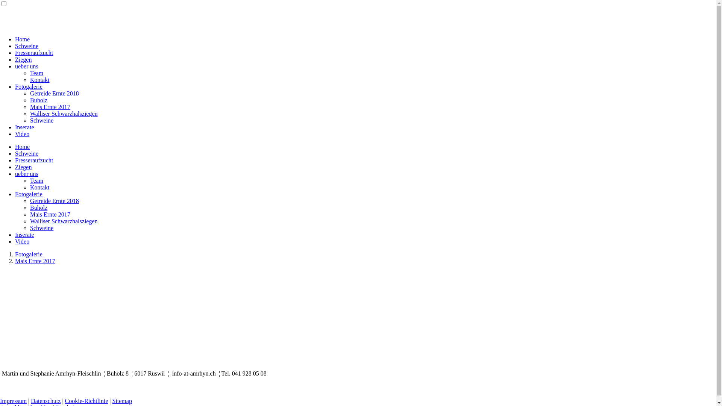  What do you see at coordinates (13, 400) in the screenshot?
I see `'Impressum'` at bounding box center [13, 400].